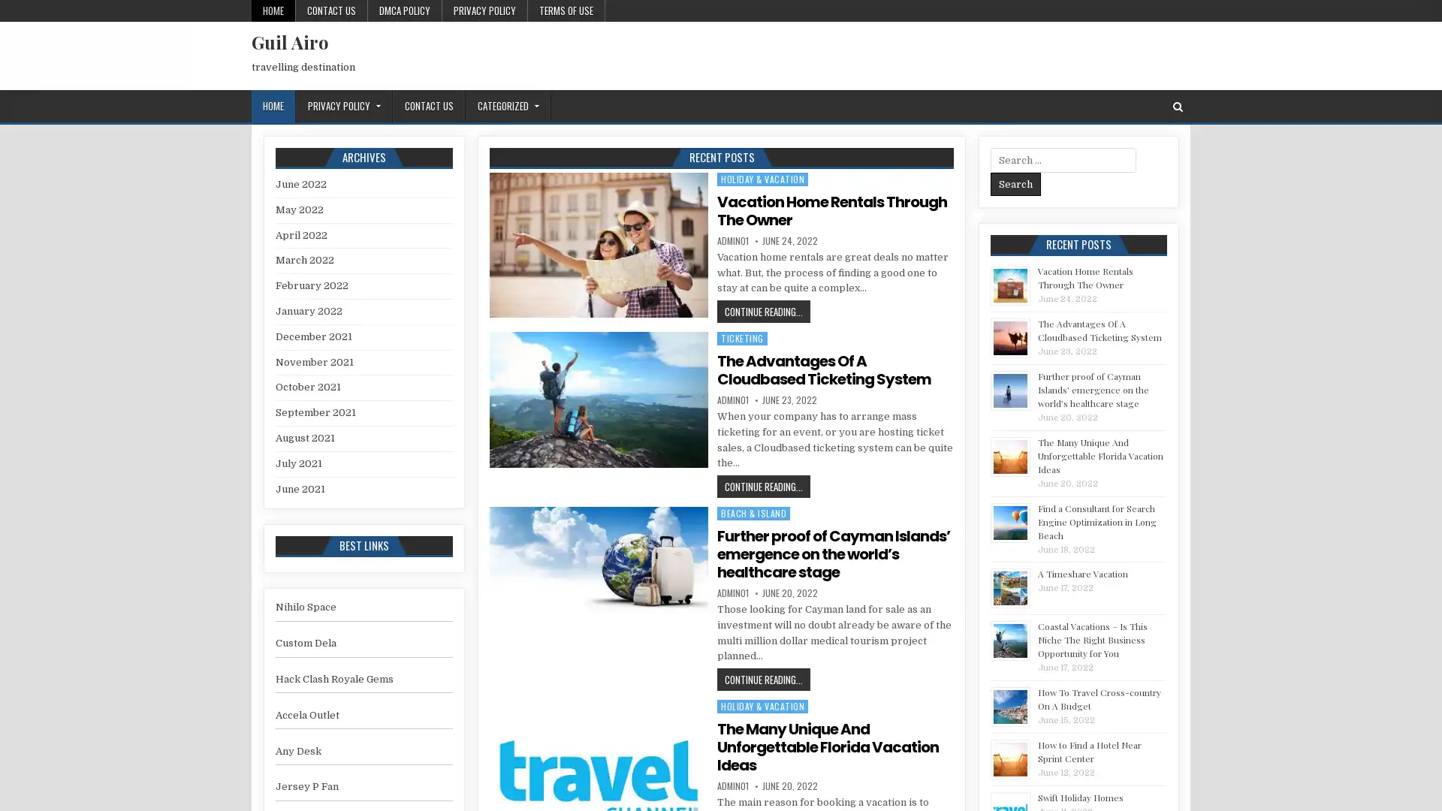 This screenshot has height=811, width=1442. I want to click on Search, so click(1015, 183).